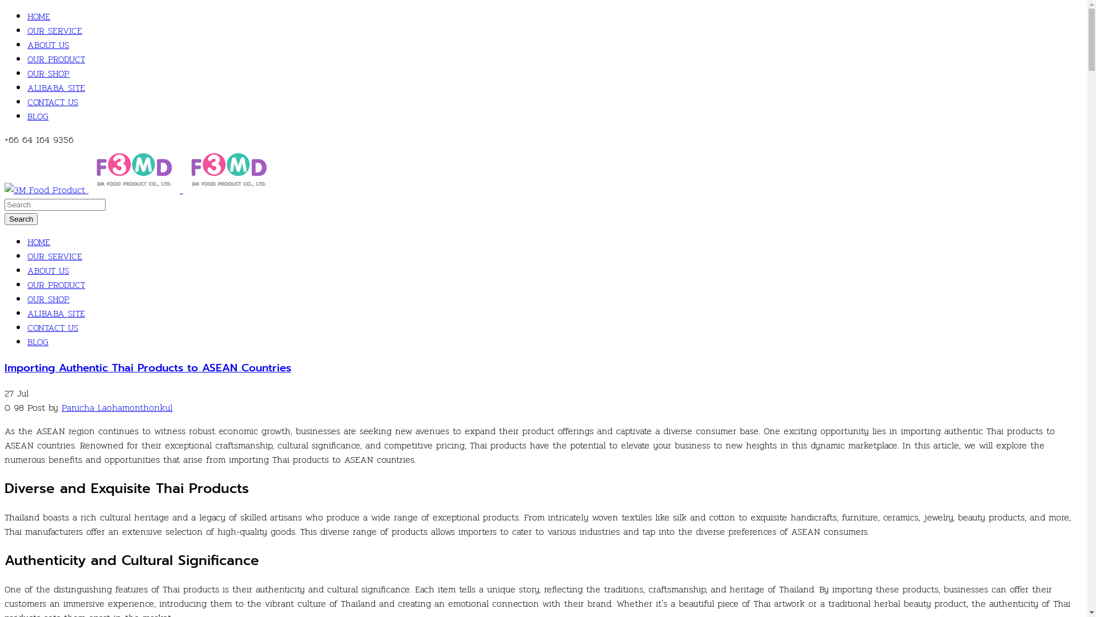 This screenshot has width=1096, height=617. Describe the element at coordinates (52, 327) in the screenshot. I see `'CONTACT US'` at that location.